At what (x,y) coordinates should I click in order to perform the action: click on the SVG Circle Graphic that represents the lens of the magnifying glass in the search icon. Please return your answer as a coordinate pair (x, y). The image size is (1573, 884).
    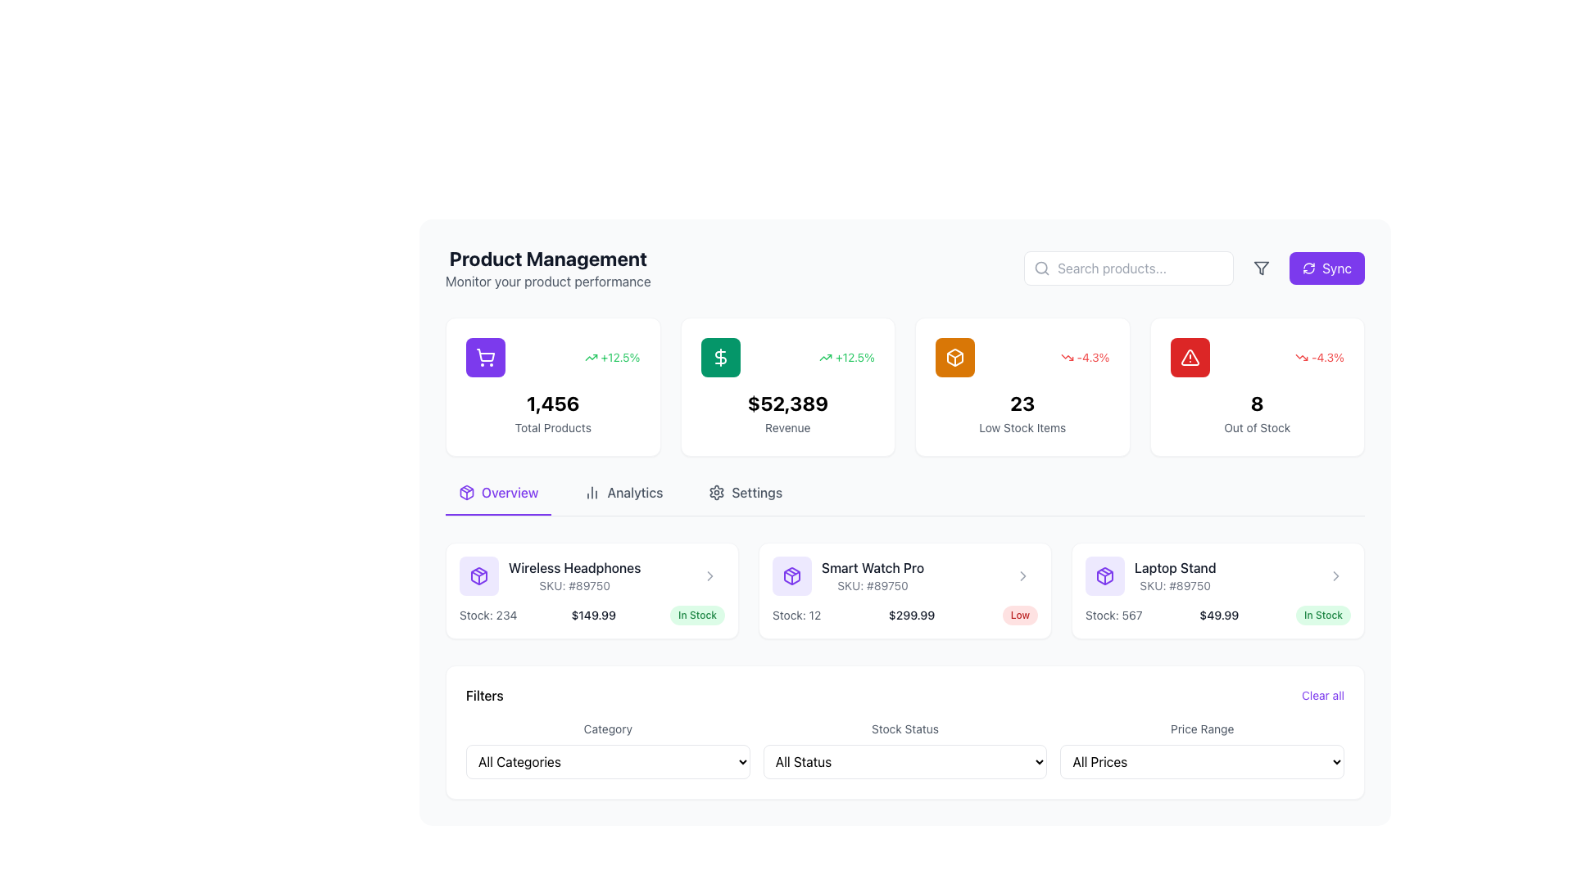
    Looking at the image, I should click on (1040, 267).